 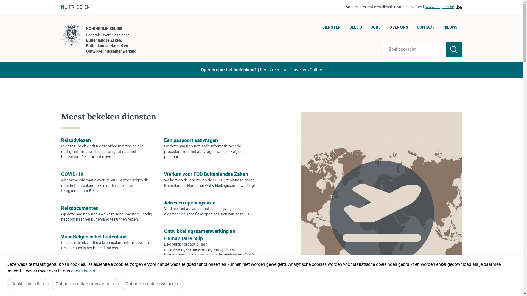 I want to click on 'Filteren', so click(x=454, y=49).